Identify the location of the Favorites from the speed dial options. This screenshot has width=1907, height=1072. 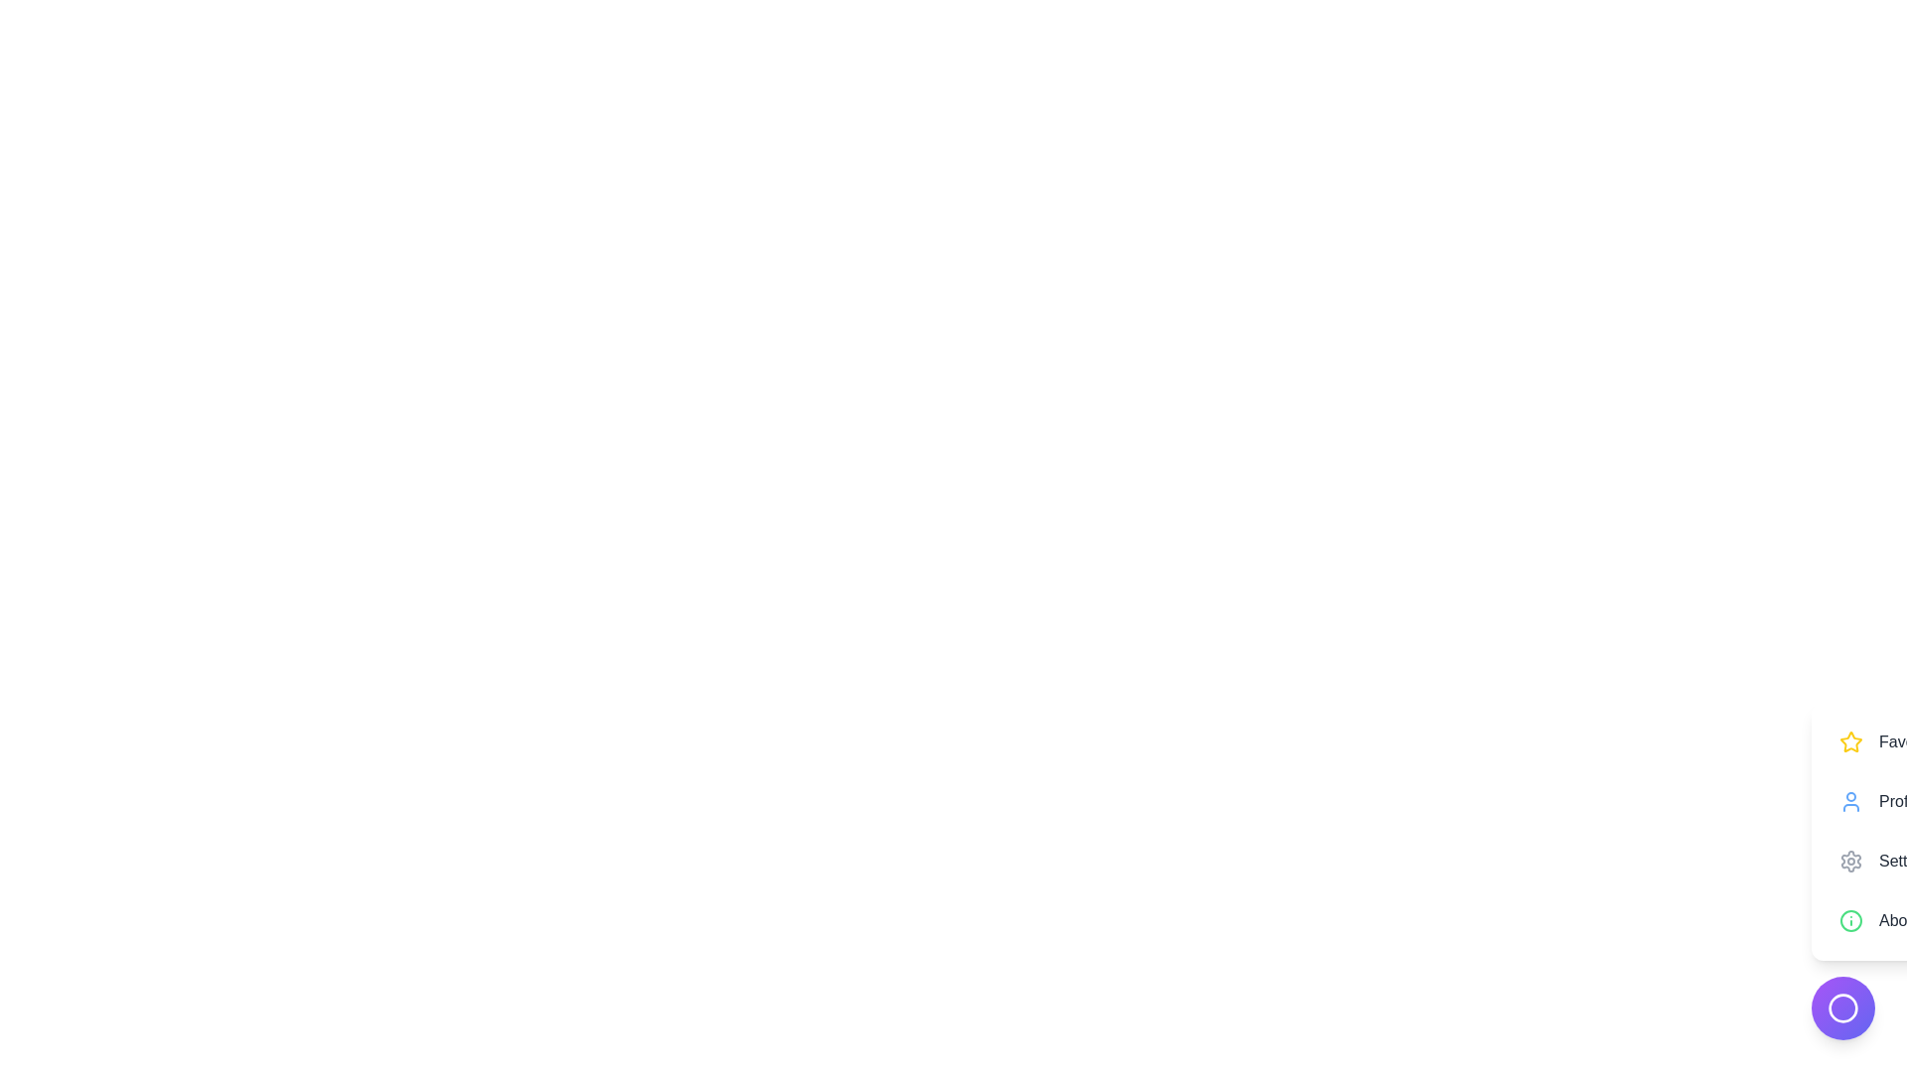
(1907, 742).